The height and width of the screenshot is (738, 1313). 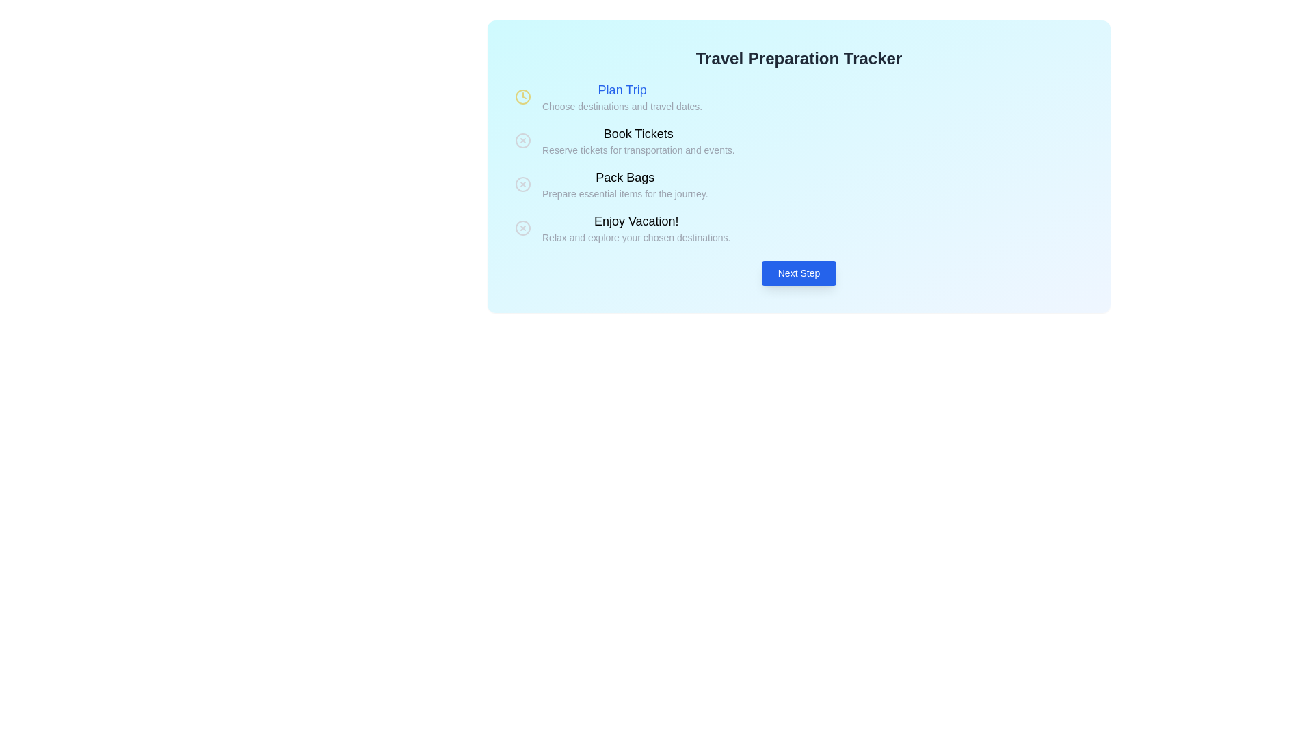 What do you see at coordinates (522, 140) in the screenshot?
I see `the Decorative indicator icon for the 'Book Tickets' section, which is the second icon in a vertically stacked list, located to the left of the text 'Book Tickets'` at bounding box center [522, 140].